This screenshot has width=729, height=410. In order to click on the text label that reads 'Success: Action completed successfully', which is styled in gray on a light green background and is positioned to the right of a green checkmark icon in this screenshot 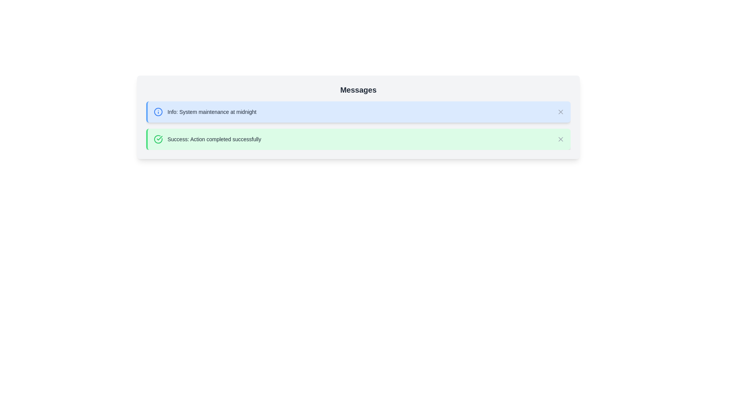, I will do `click(214, 139)`.